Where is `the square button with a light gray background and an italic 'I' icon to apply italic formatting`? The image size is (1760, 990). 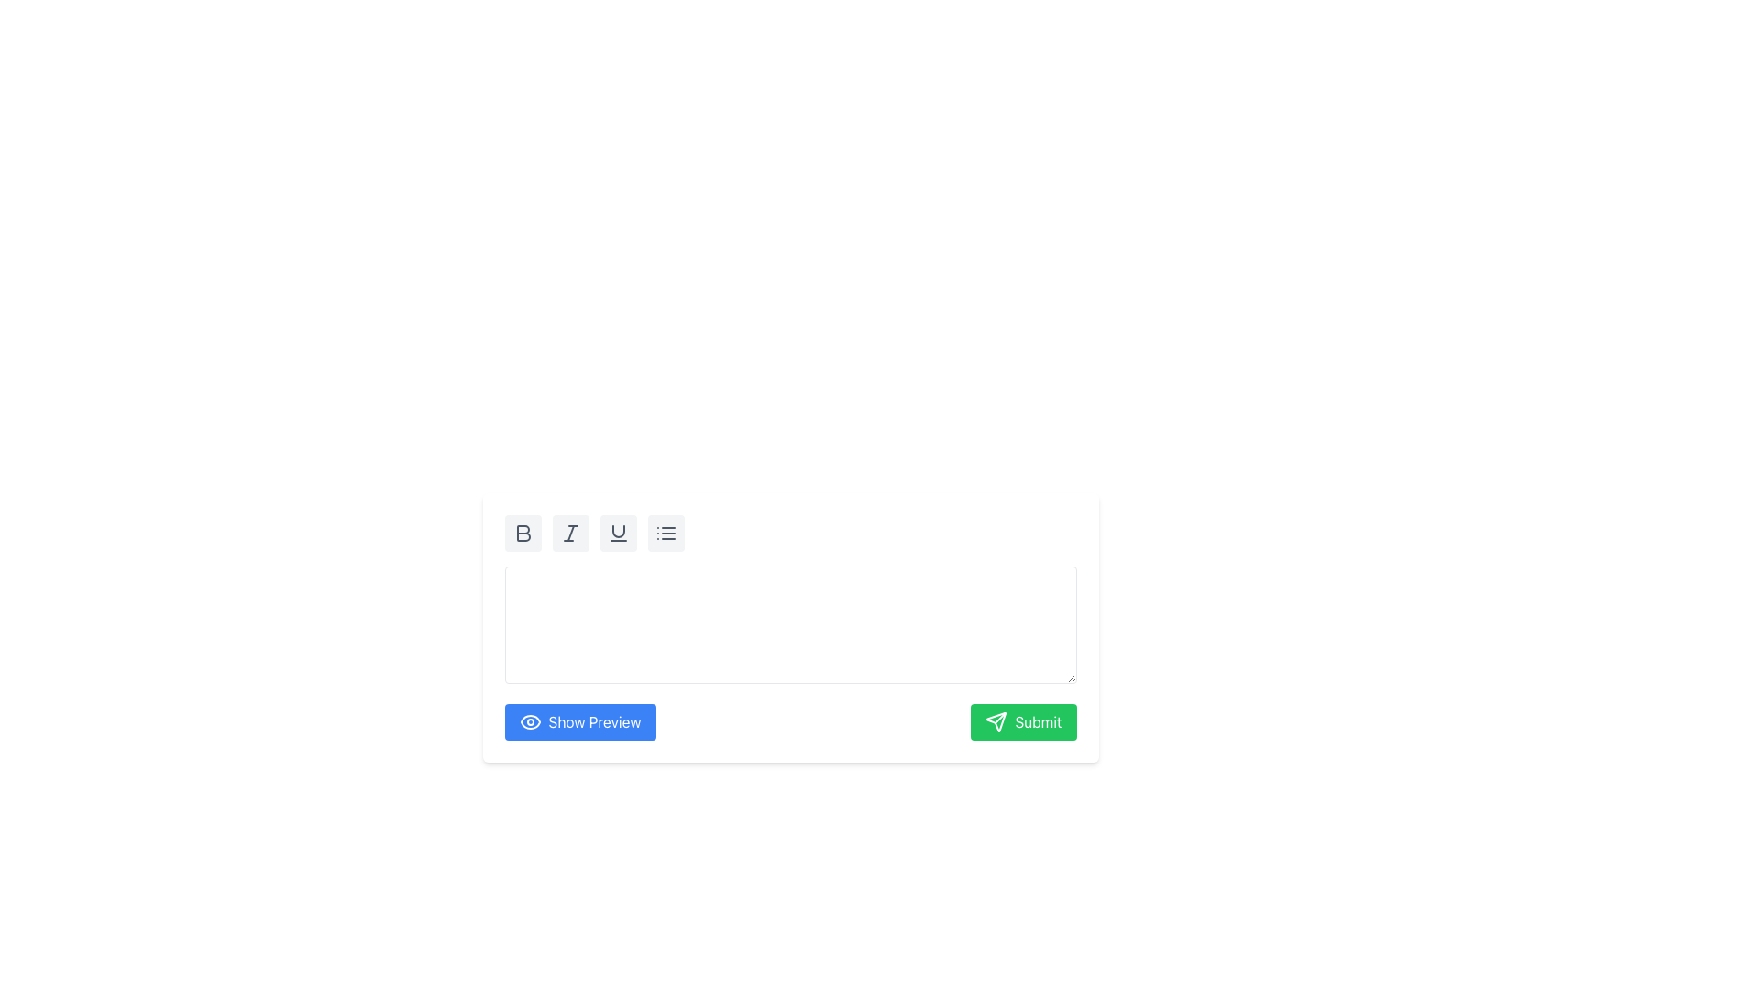
the square button with a light gray background and an italic 'I' icon to apply italic formatting is located at coordinates (569, 533).